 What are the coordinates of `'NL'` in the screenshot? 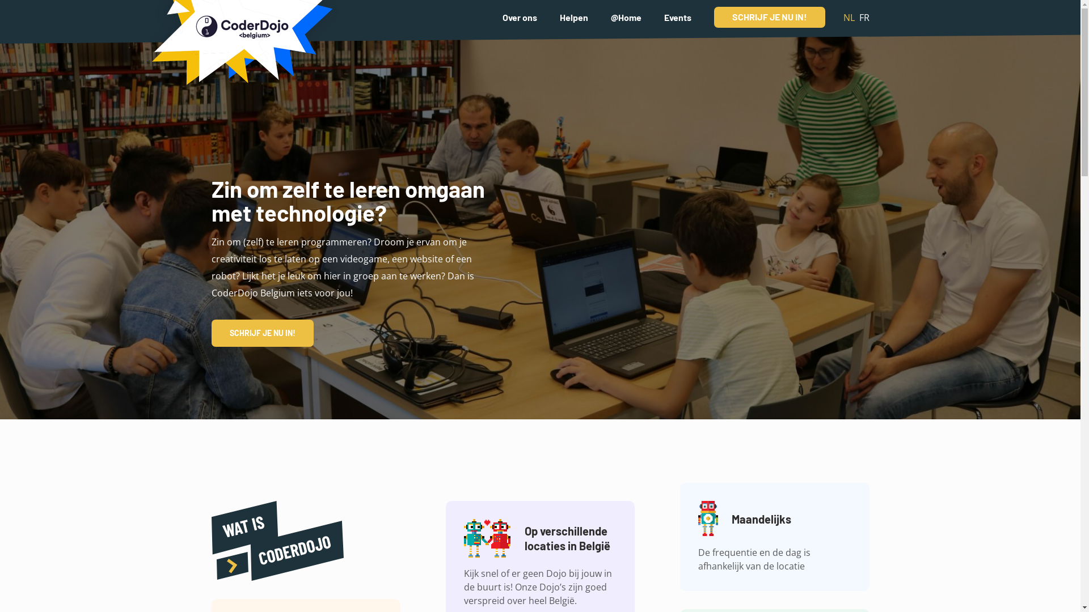 It's located at (849, 17).